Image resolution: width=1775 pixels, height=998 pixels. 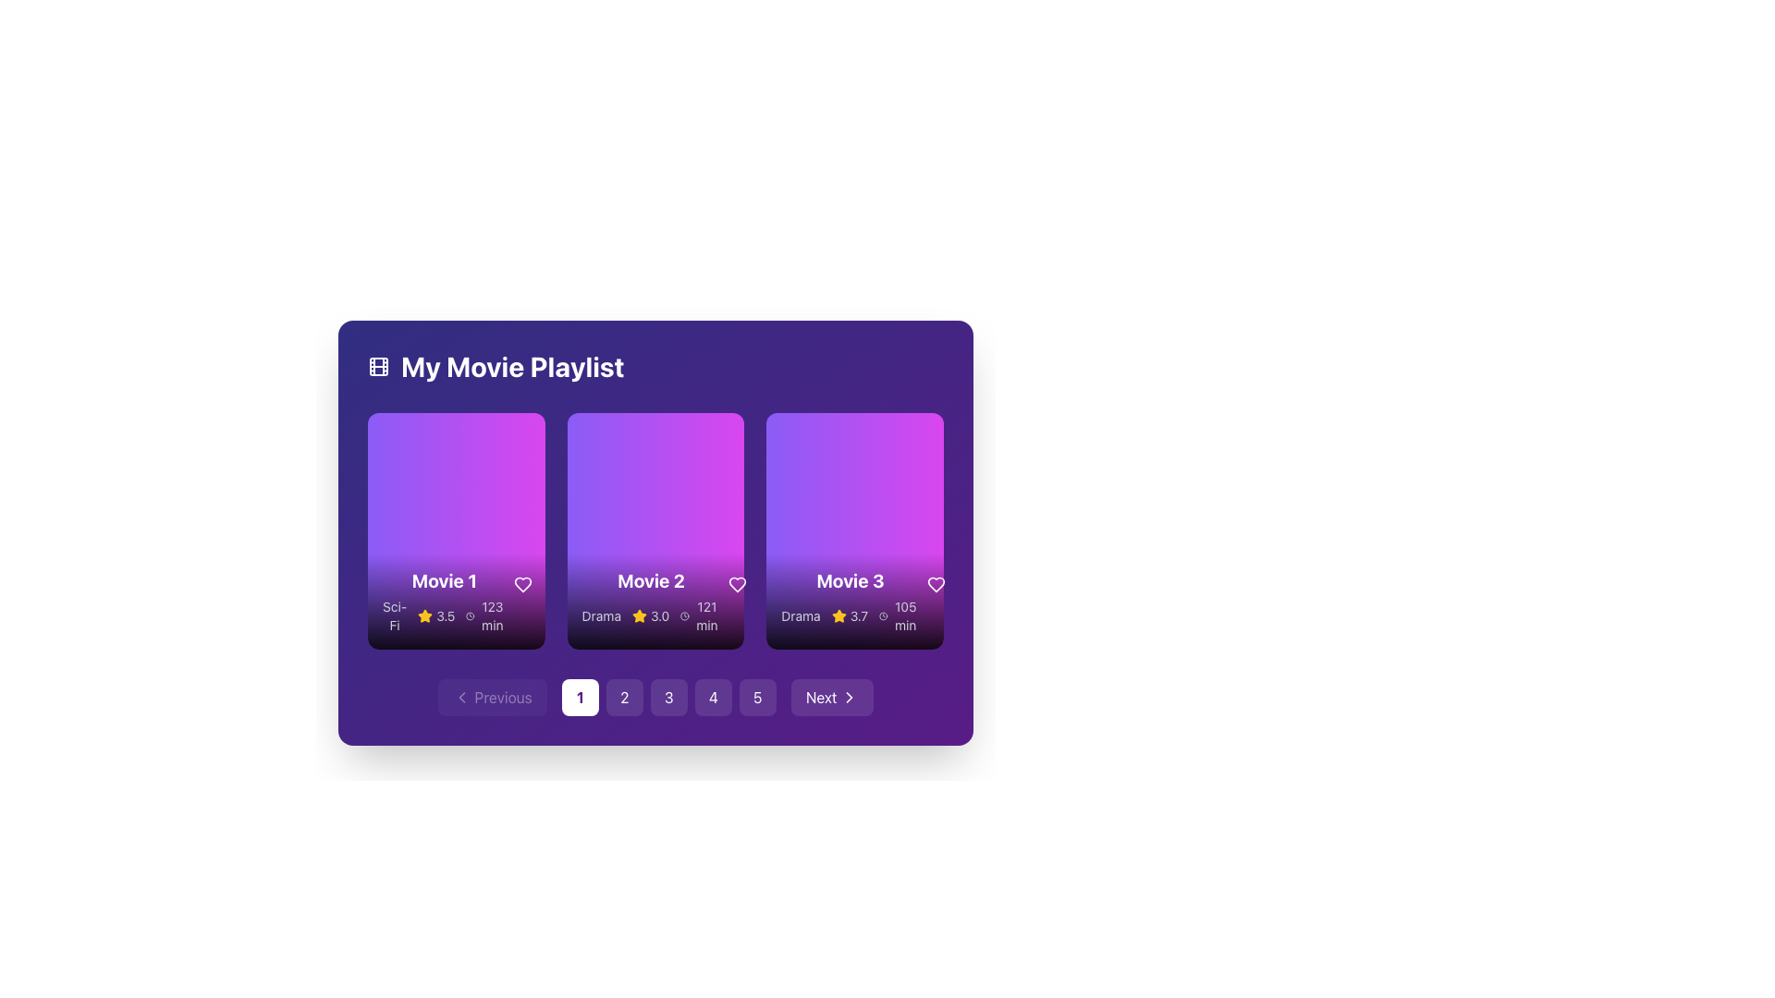 I want to click on user rating displayed in the text with a visual icon for 'Movie 1' located in the bottom-left section of its card in the 'My Movie Playlist' interface, so click(x=435, y=616).